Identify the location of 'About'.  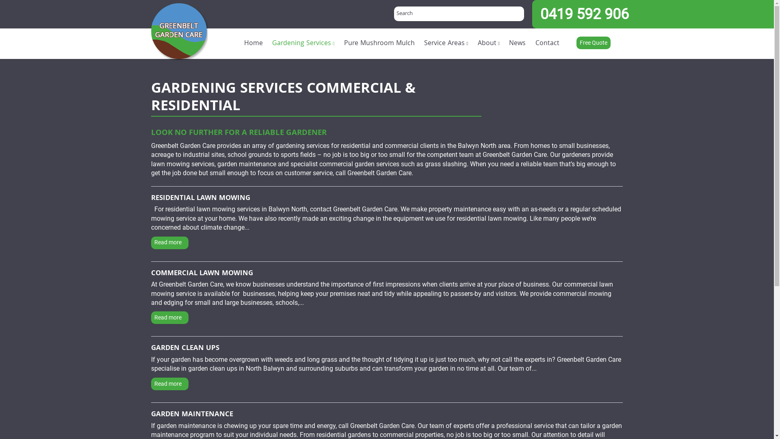
(472, 43).